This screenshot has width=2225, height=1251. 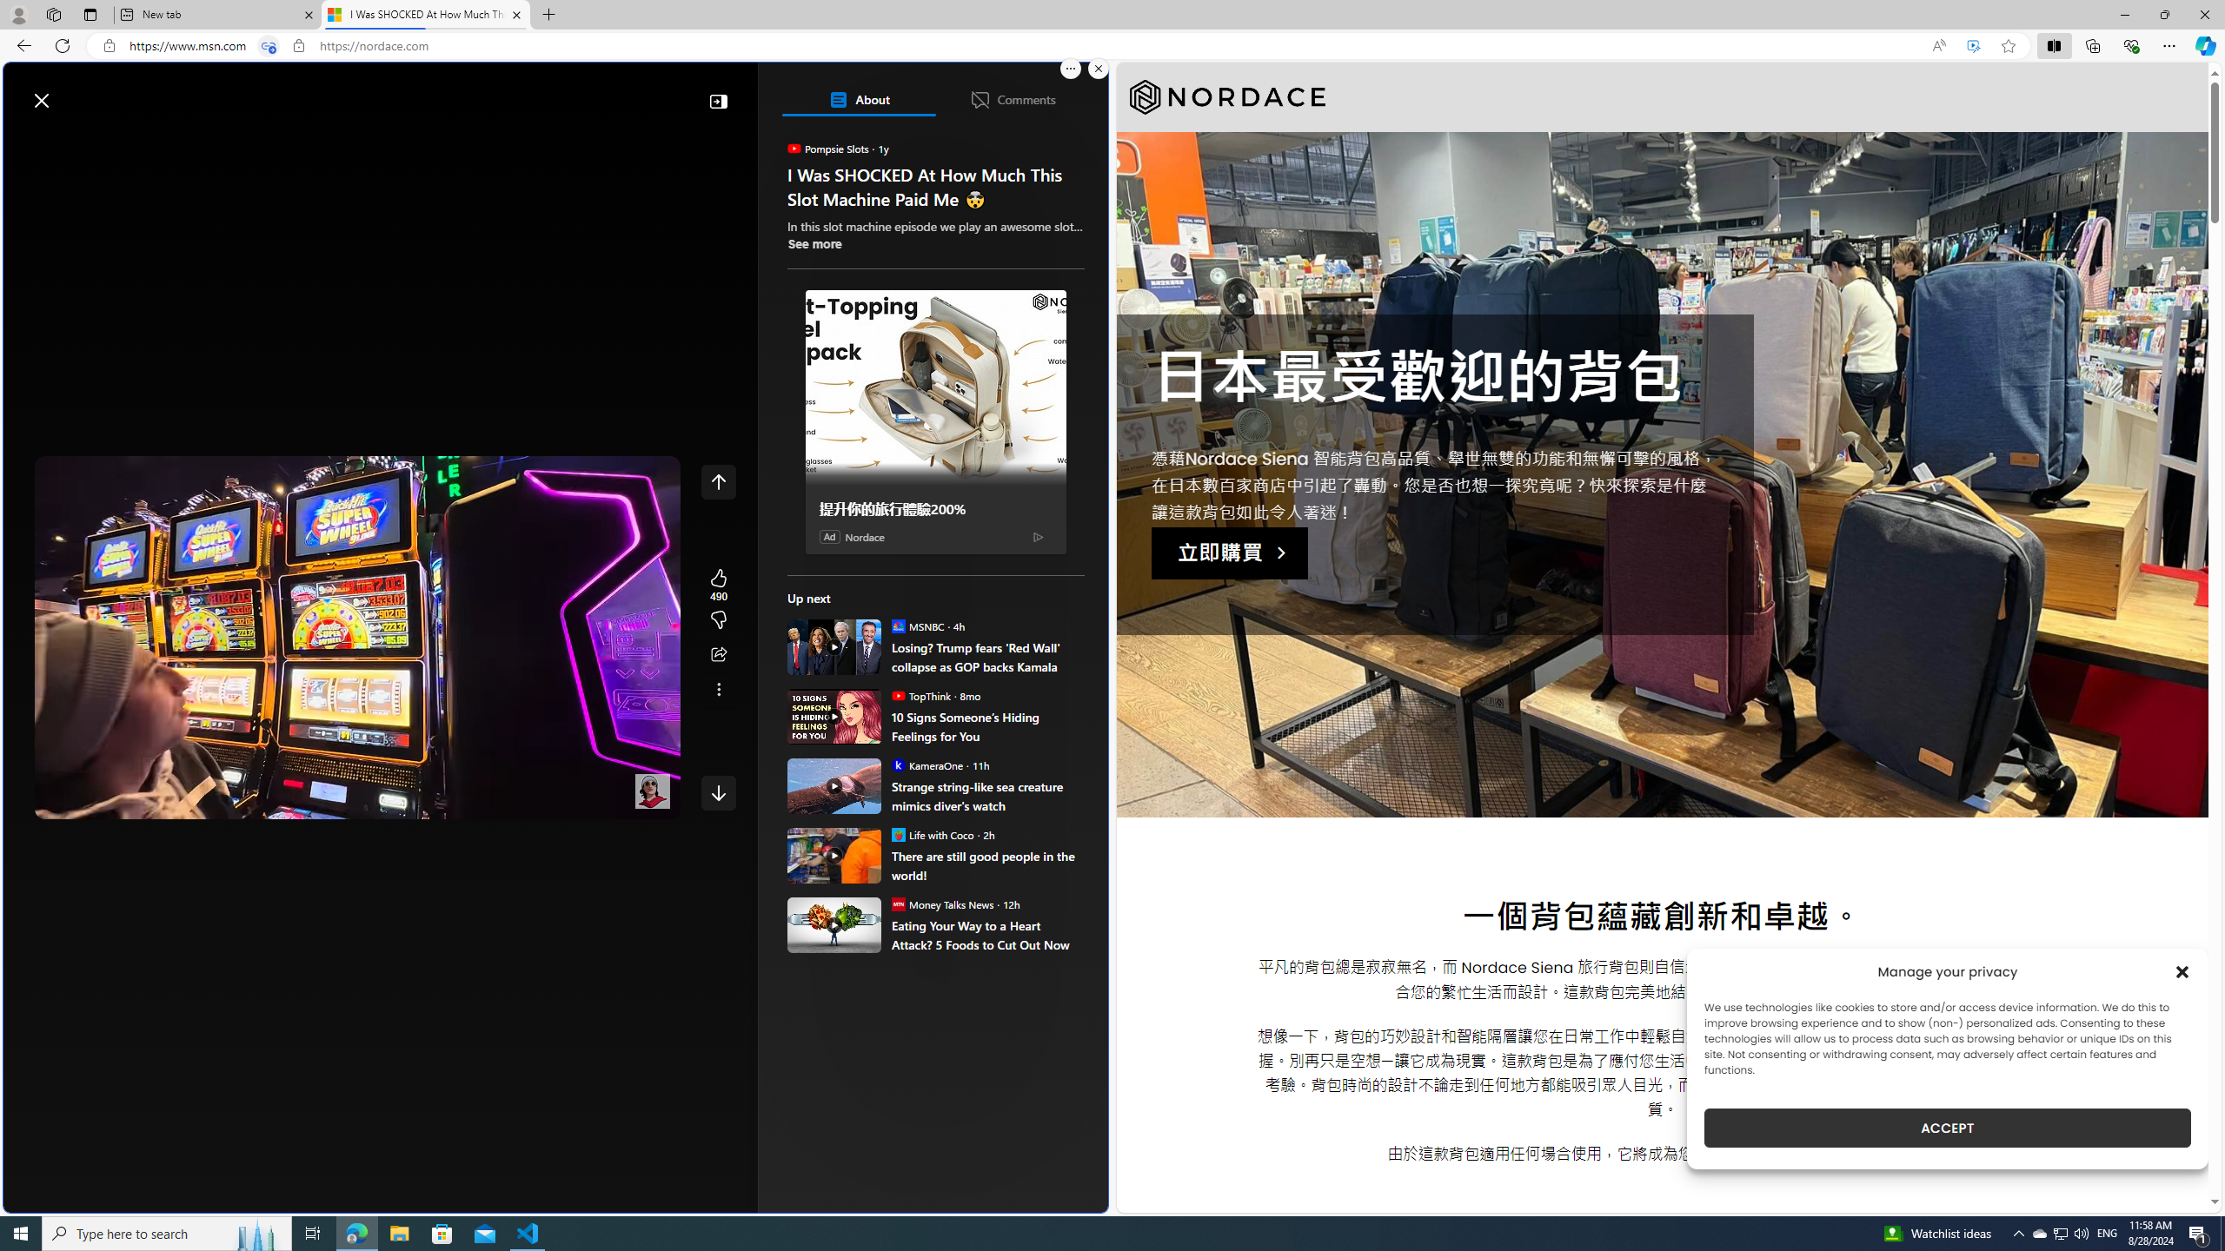 What do you see at coordinates (919, 695) in the screenshot?
I see `'TopThink TopThink'` at bounding box center [919, 695].